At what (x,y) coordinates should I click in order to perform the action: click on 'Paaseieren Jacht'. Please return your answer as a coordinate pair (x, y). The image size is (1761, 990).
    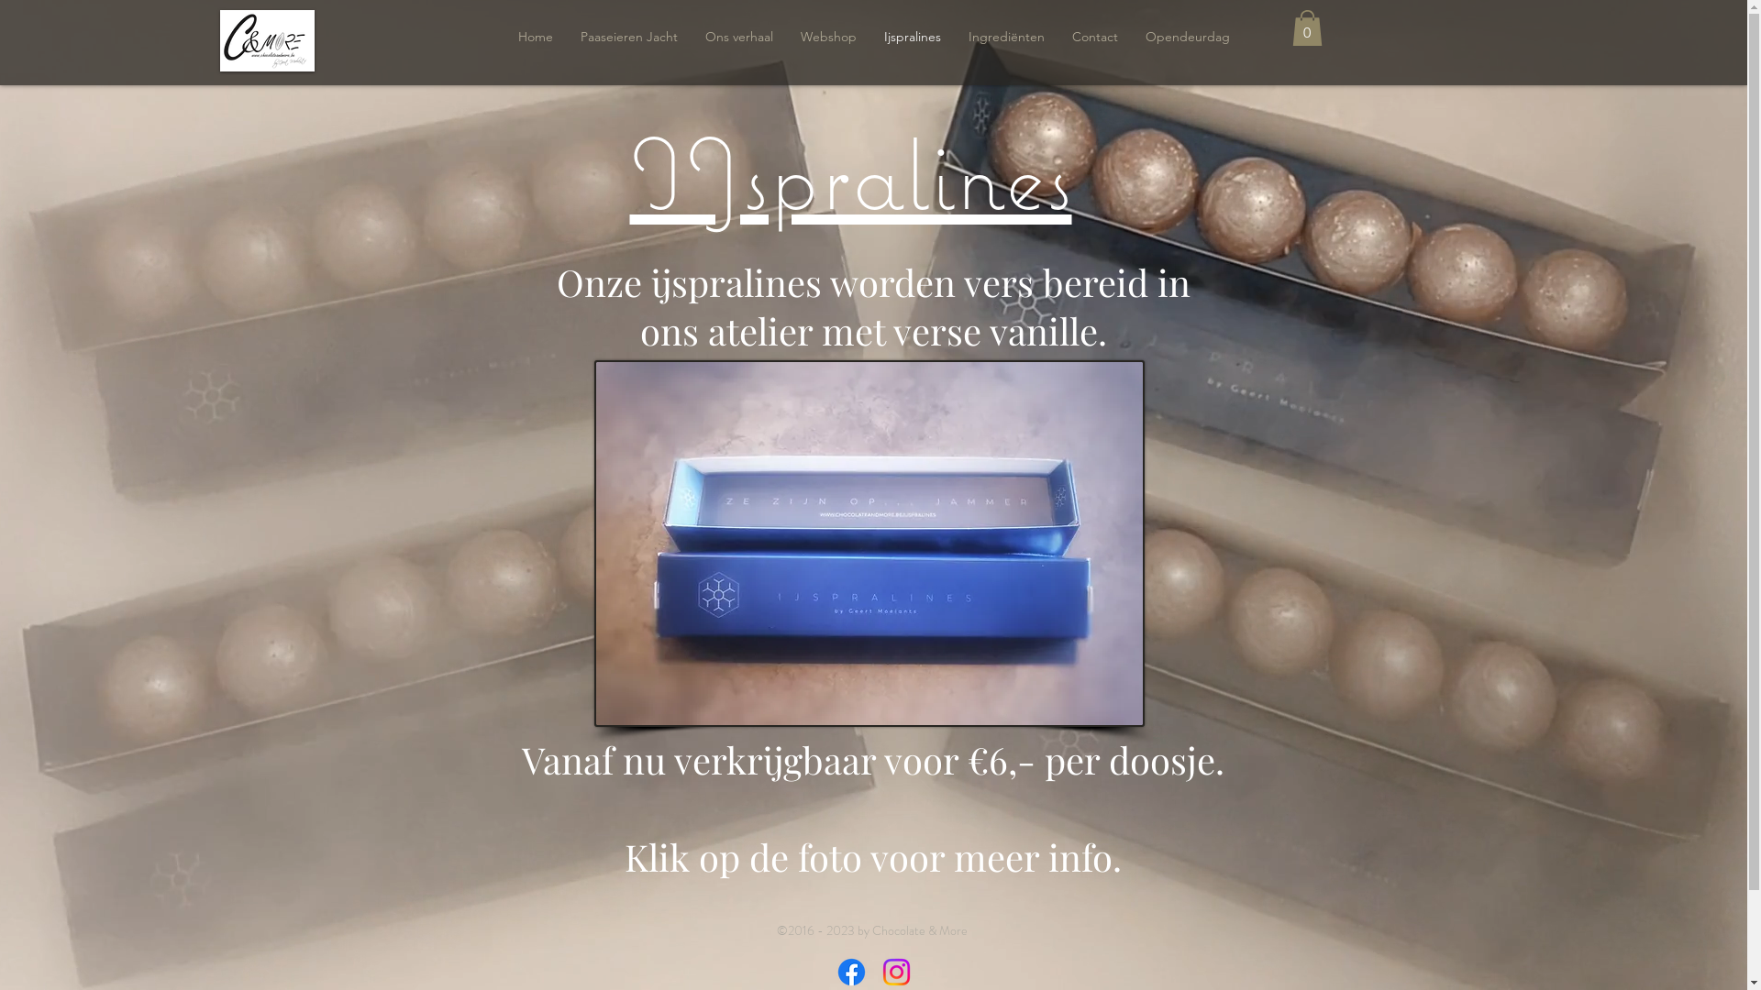
    Looking at the image, I should click on (629, 36).